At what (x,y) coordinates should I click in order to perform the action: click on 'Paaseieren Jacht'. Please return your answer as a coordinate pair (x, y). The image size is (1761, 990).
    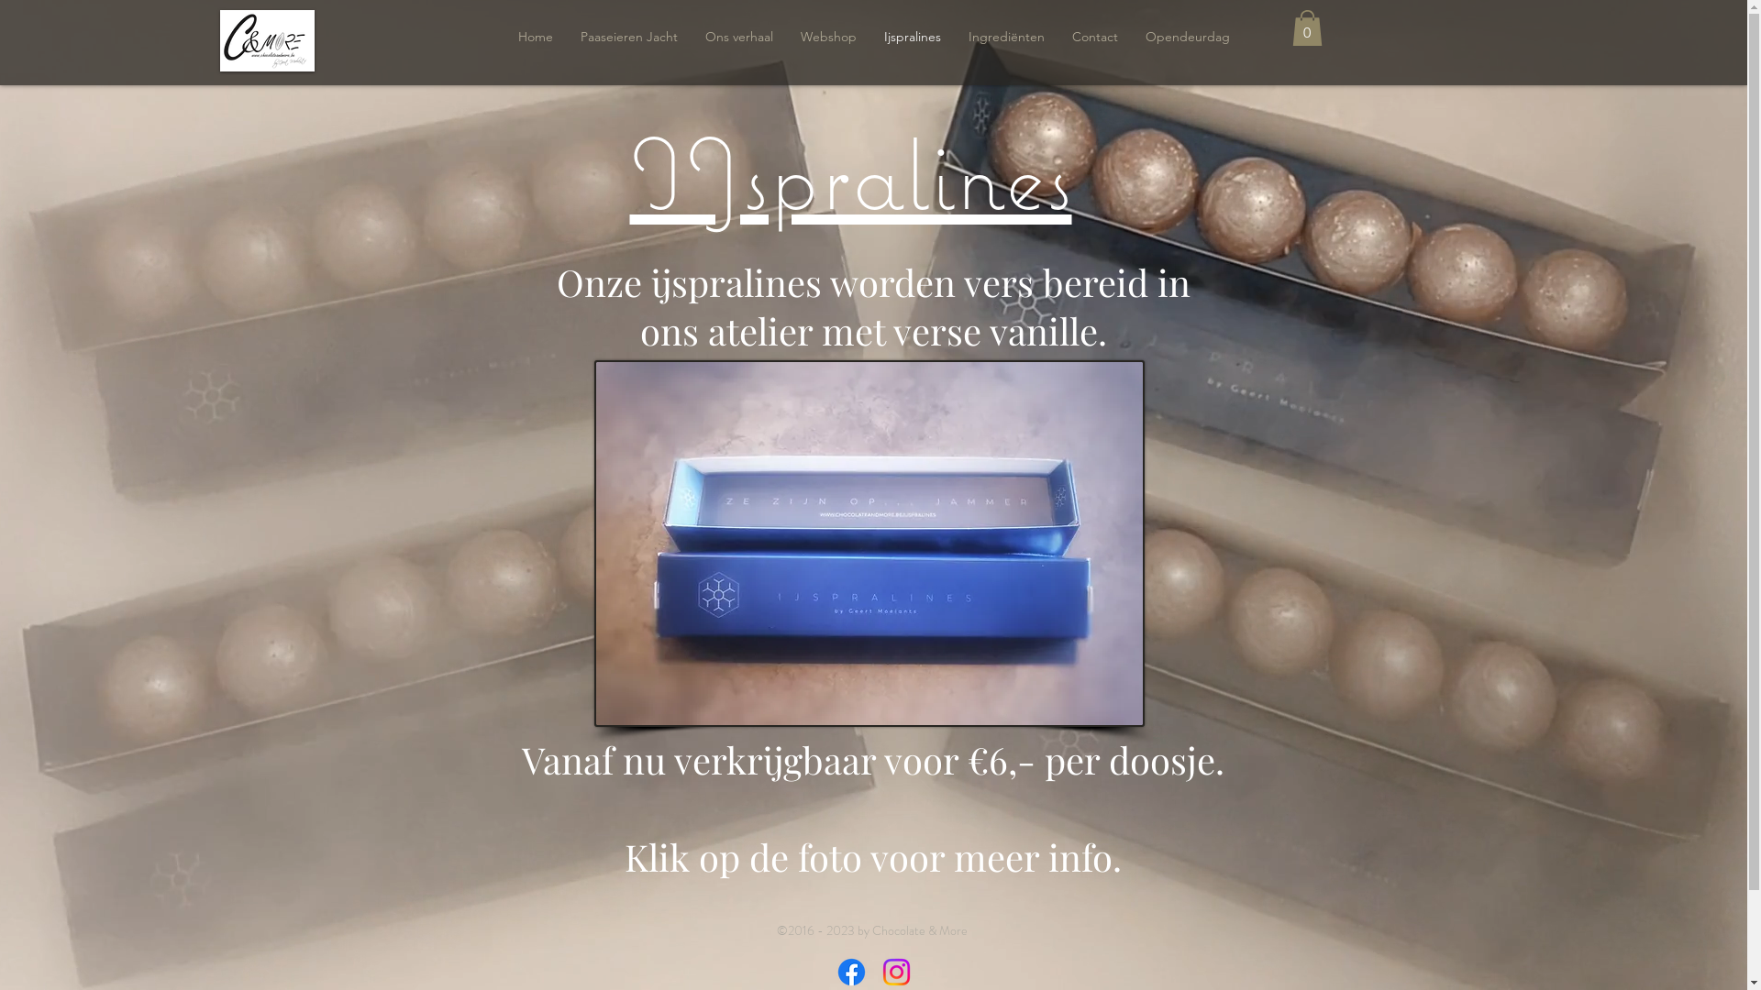
    Looking at the image, I should click on (629, 36).